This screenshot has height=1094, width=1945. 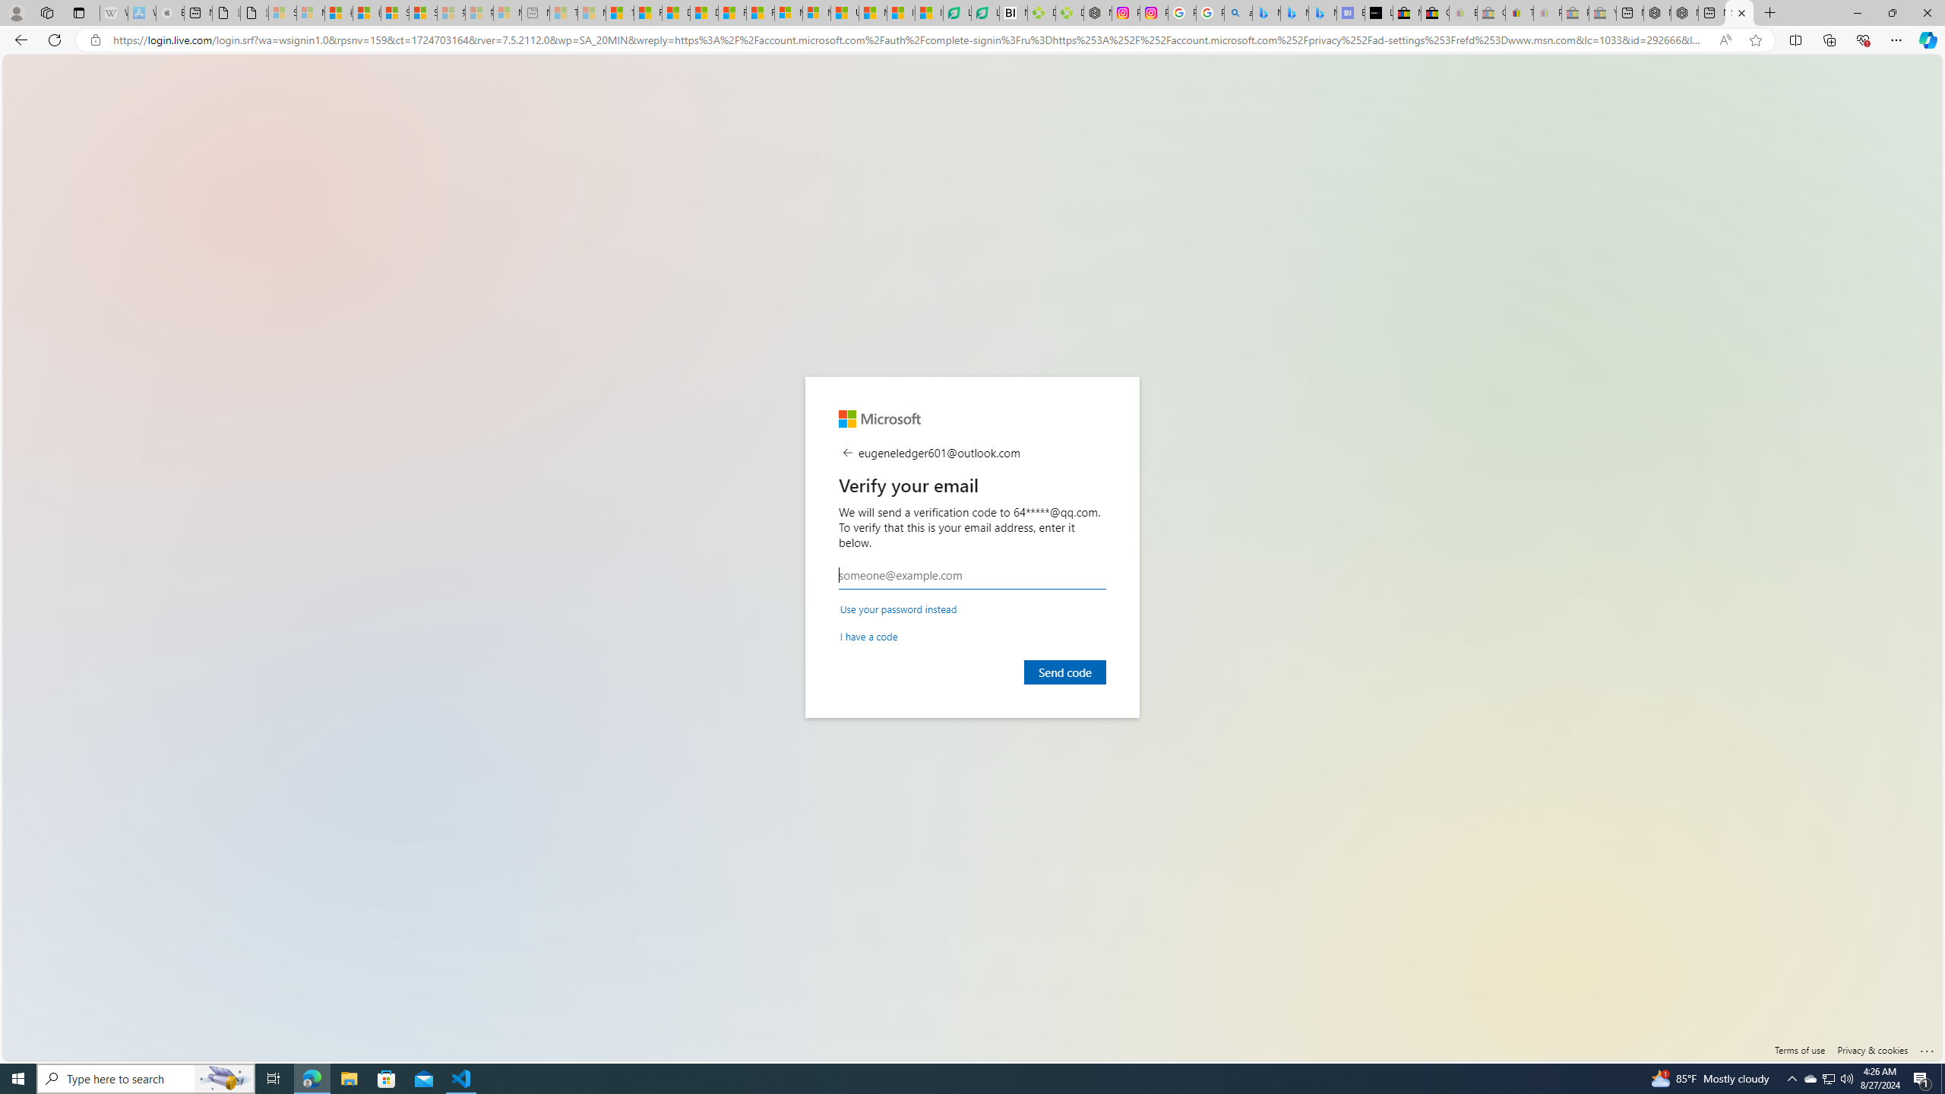 What do you see at coordinates (898, 608) in the screenshot?
I see `'Use your password instead'` at bounding box center [898, 608].